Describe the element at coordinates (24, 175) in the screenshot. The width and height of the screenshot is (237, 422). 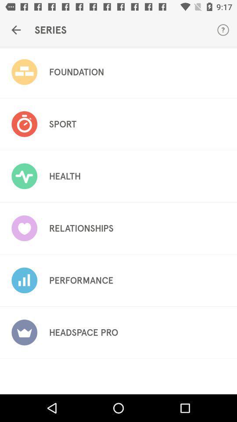
I see `the icon of health` at that location.